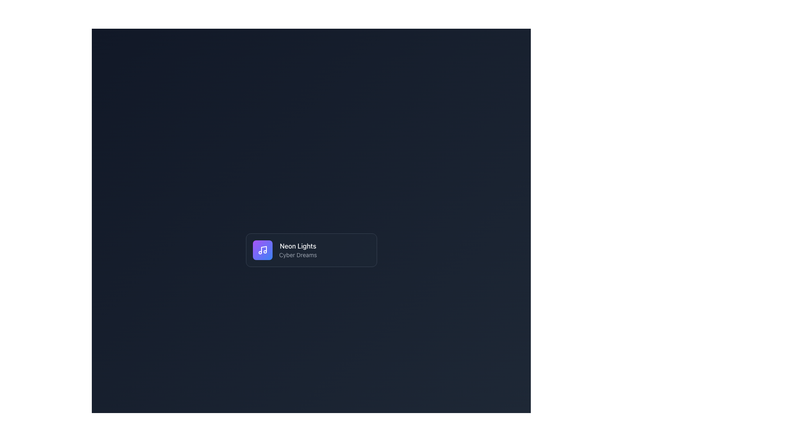 Image resolution: width=787 pixels, height=443 pixels. What do you see at coordinates (297, 249) in the screenshot?
I see `the textual content display area that shows the title and subtitle of a music item, located to the right of a colorful music note icon` at bounding box center [297, 249].